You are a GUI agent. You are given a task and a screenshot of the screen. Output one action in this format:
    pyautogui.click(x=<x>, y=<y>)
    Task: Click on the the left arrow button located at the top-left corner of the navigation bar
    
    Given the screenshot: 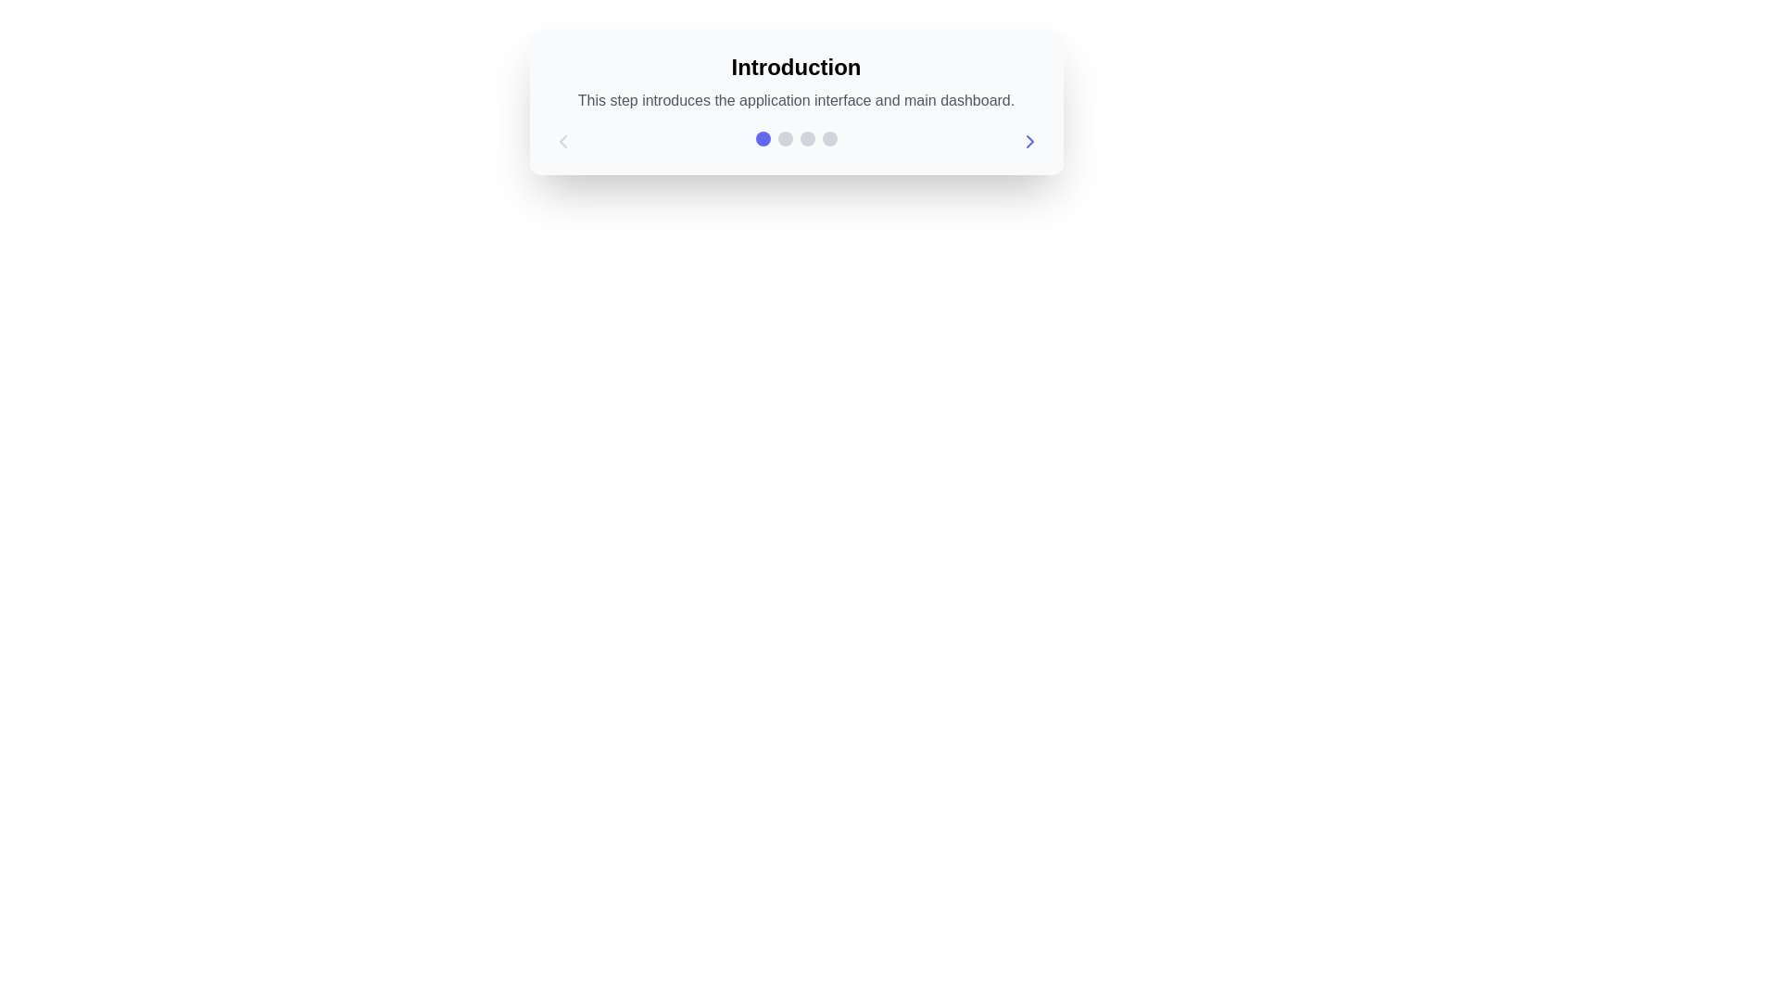 What is the action you would take?
    pyautogui.click(x=561, y=141)
    